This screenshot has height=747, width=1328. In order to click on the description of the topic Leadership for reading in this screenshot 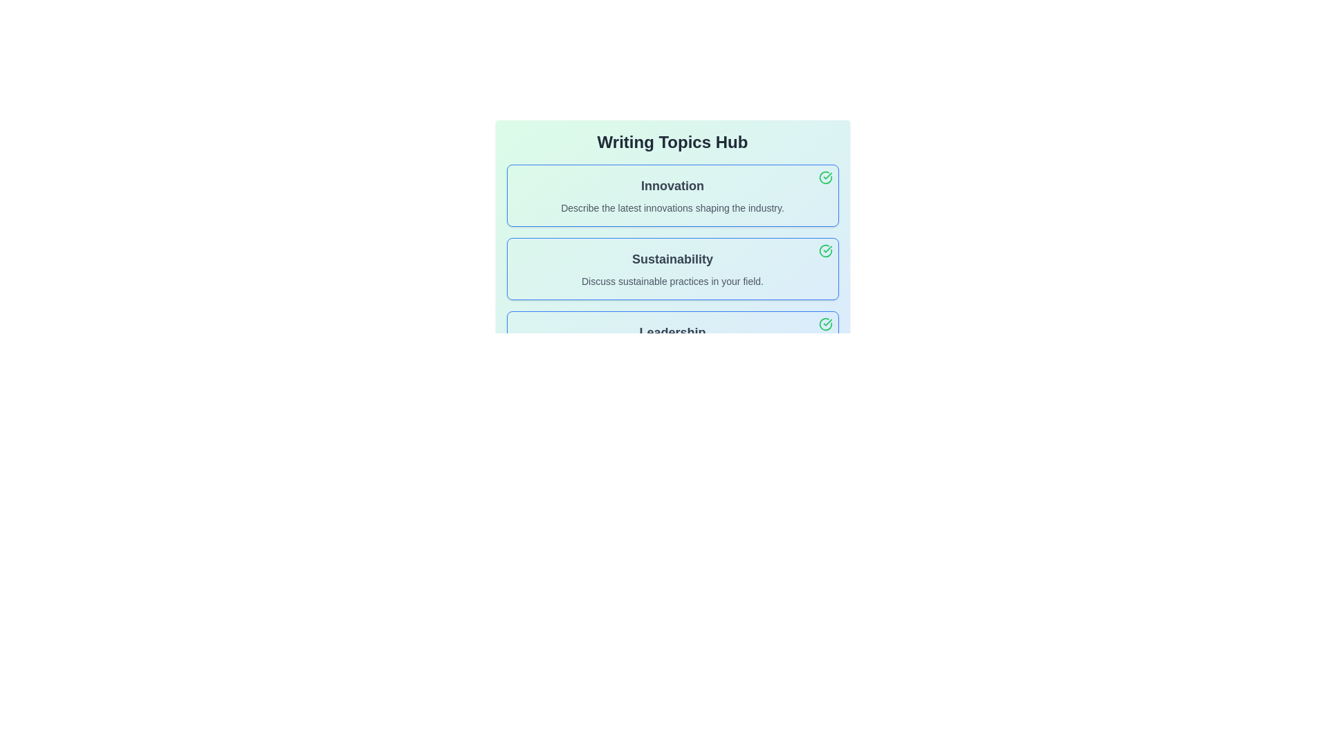, I will do `click(672, 342)`.